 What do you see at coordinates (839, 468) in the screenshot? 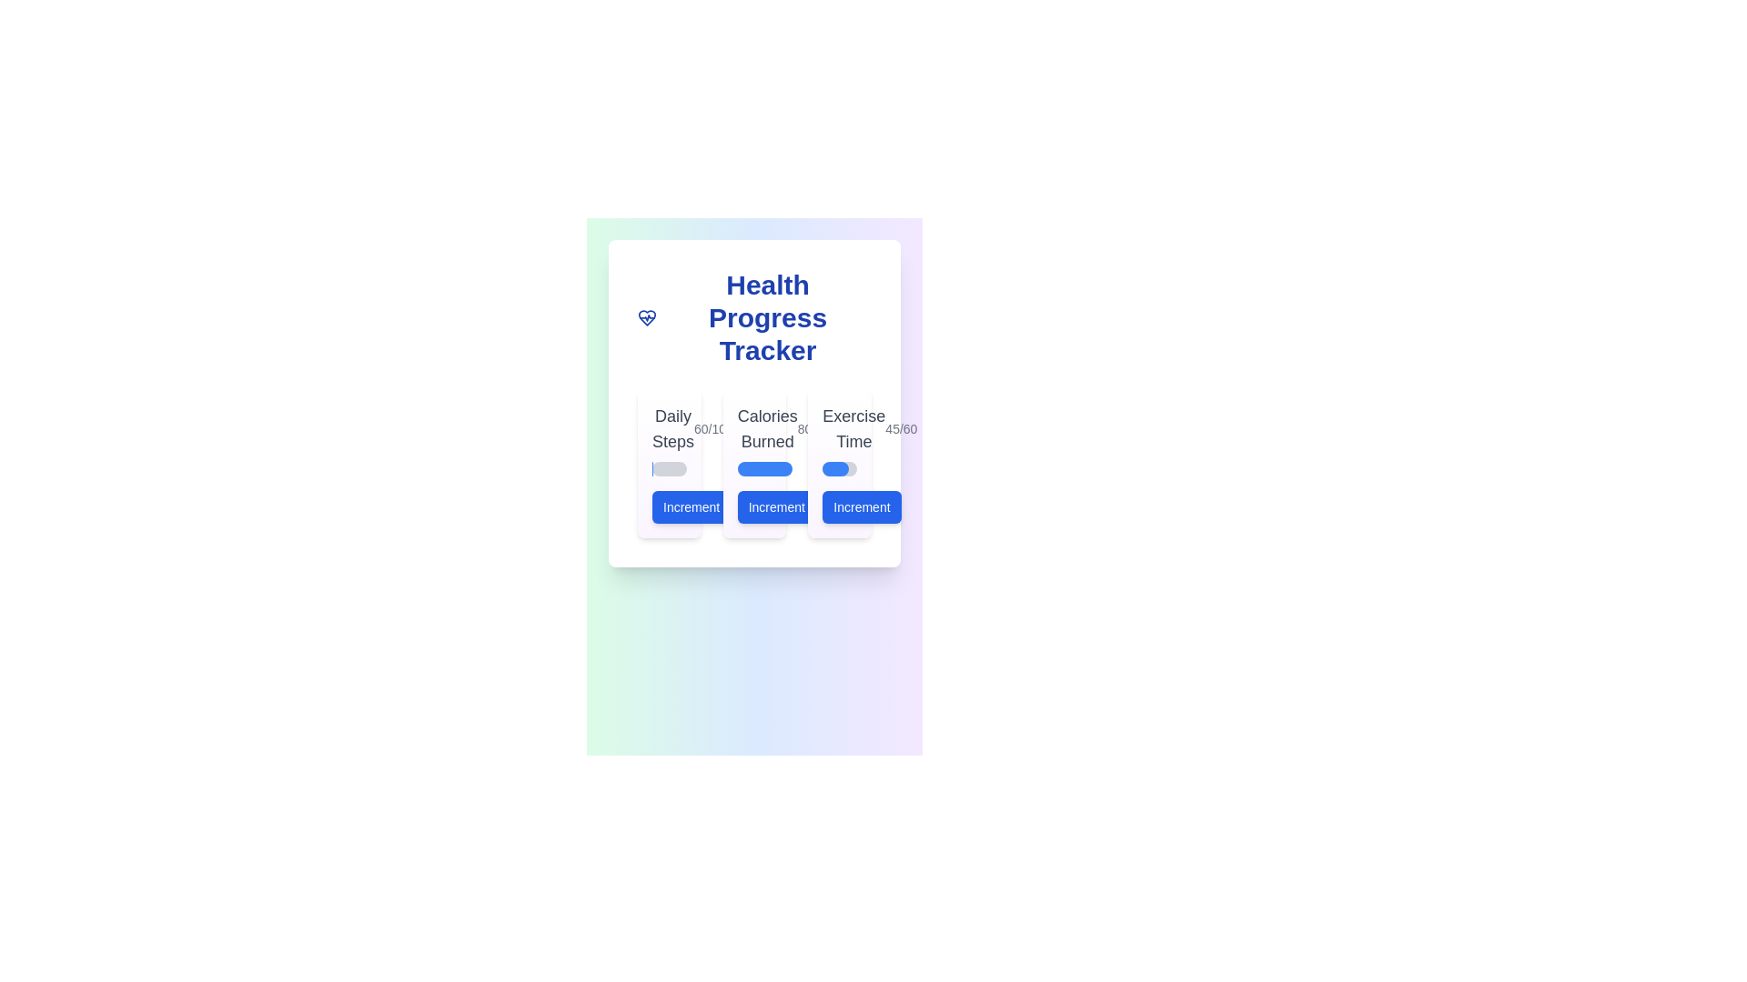
I see `the horizontal progress bar styled with a gray background and blue inner bar, which represents 75% progress, located under the 'Exercise Time' label and above the 'Increment' button` at bounding box center [839, 468].